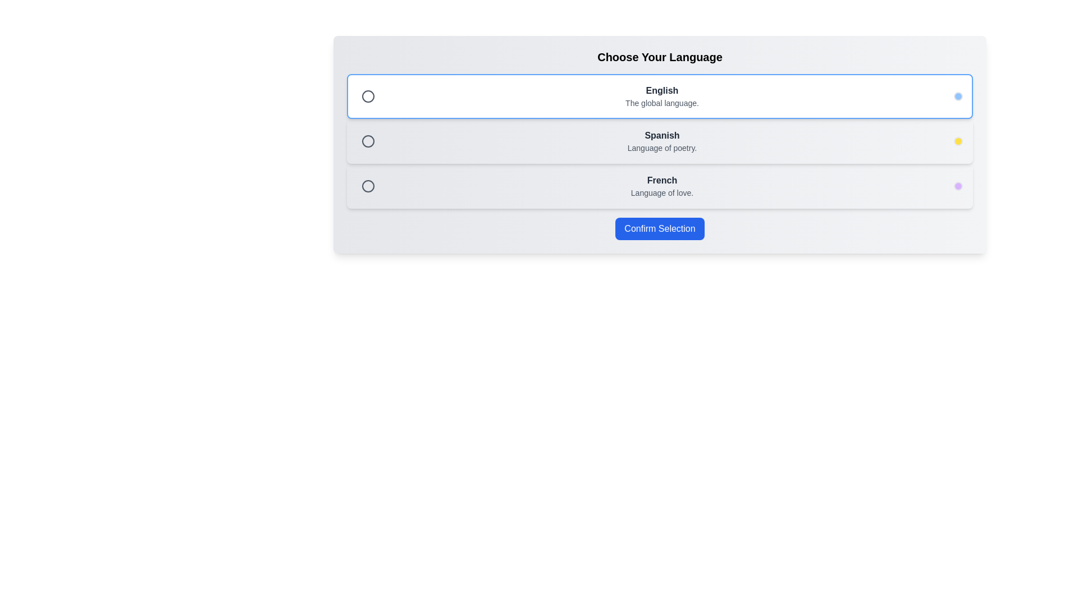  What do you see at coordinates (662, 147) in the screenshot?
I see `the text label displaying 'Language of poetry.' which is positioned below the 'Spanish' label in the language selection context` at bounding box center [662, 147].